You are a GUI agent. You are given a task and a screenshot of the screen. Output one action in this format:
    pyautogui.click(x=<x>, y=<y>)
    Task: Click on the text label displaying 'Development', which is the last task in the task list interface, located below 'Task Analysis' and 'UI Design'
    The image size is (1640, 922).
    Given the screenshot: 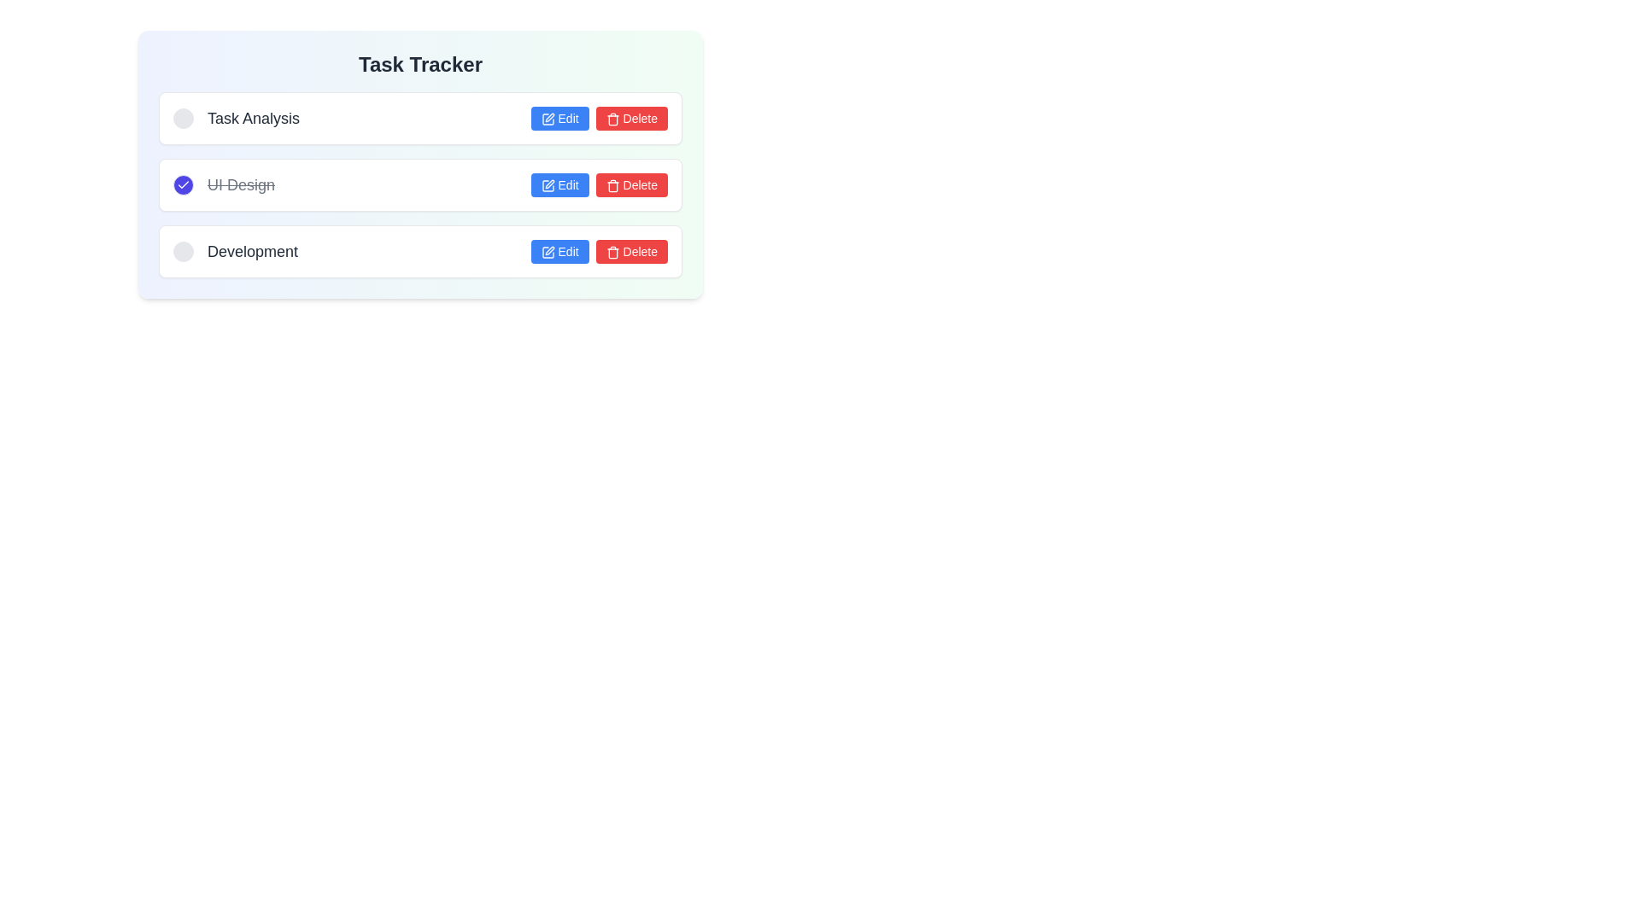 What is the action you would take?
    pyautogui.click(x=252, y=251)
    